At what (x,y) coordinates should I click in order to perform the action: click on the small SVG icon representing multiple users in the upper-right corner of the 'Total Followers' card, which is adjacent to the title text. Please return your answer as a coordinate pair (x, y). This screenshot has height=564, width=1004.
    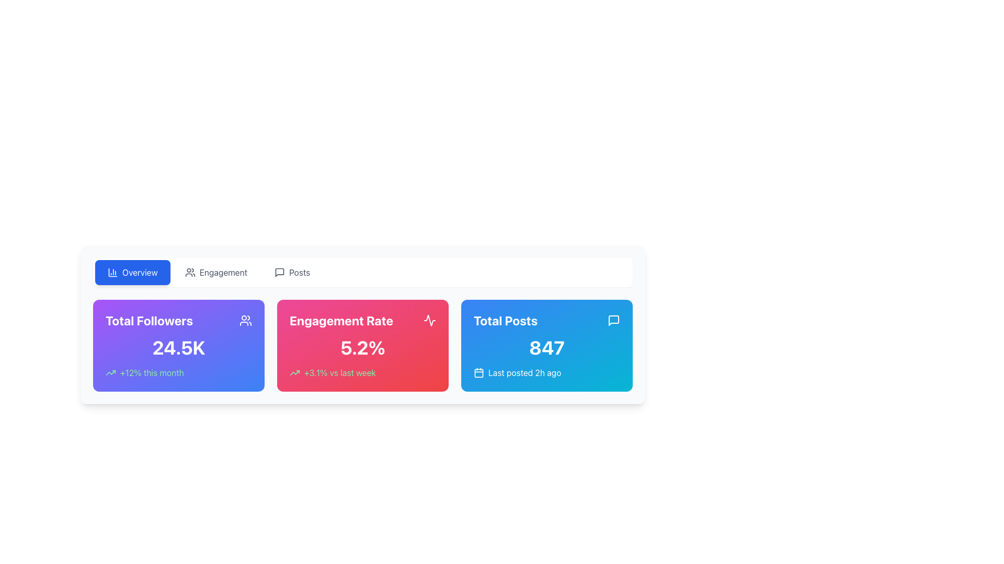
    Looking at the image, I should click on (245, 320).